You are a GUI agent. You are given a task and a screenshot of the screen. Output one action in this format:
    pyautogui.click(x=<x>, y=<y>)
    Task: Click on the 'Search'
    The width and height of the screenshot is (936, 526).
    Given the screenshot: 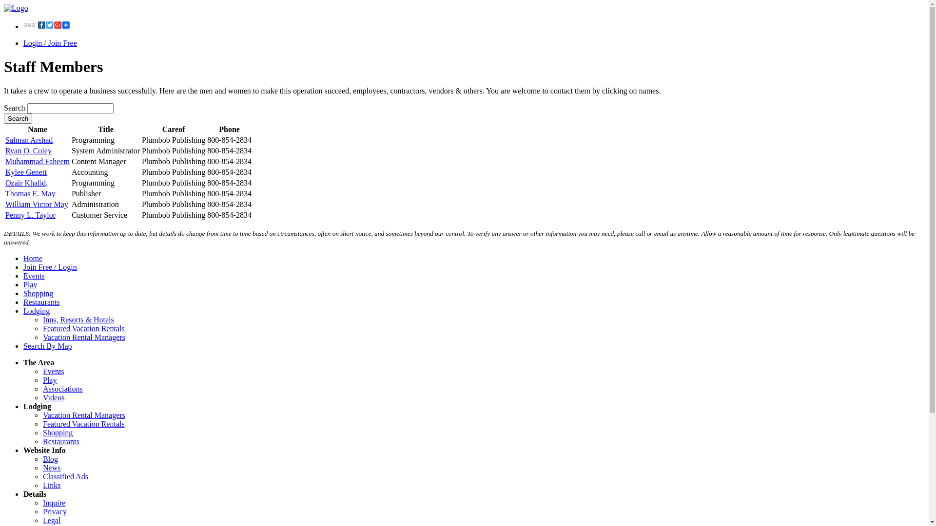 What is the action you would take?
    pyautogui.click(x=18, y=118)
    